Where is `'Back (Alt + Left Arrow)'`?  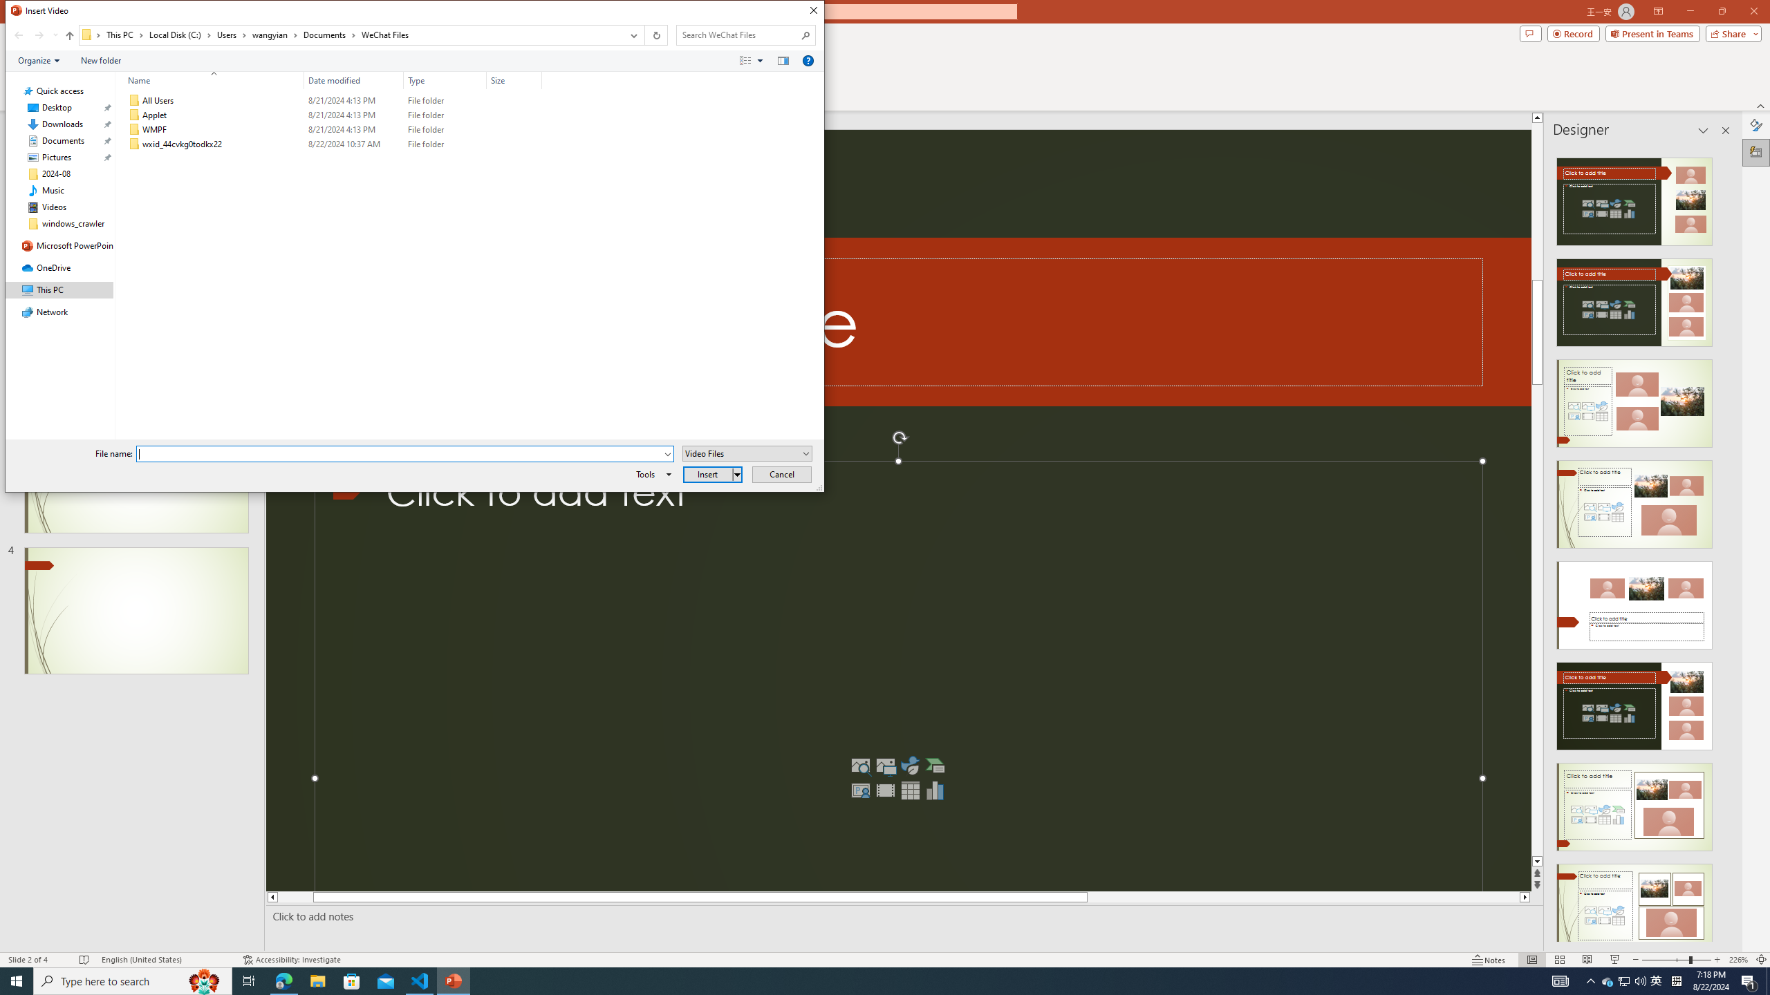 'Back (Alt + Left Arrow)' is located at coordinates (17, 35).